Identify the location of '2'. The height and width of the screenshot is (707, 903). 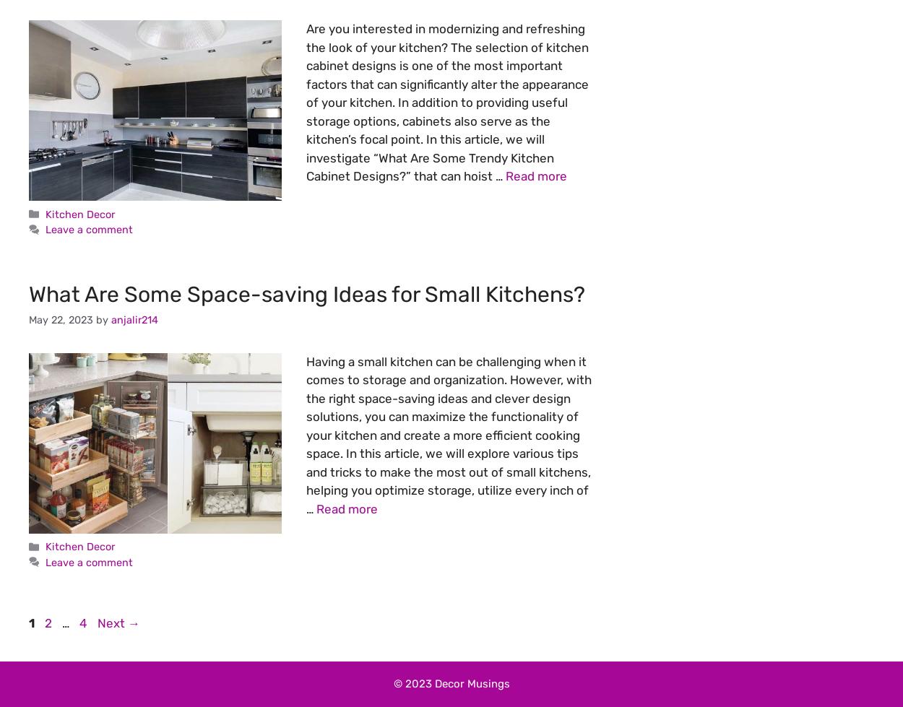
(48, 622).